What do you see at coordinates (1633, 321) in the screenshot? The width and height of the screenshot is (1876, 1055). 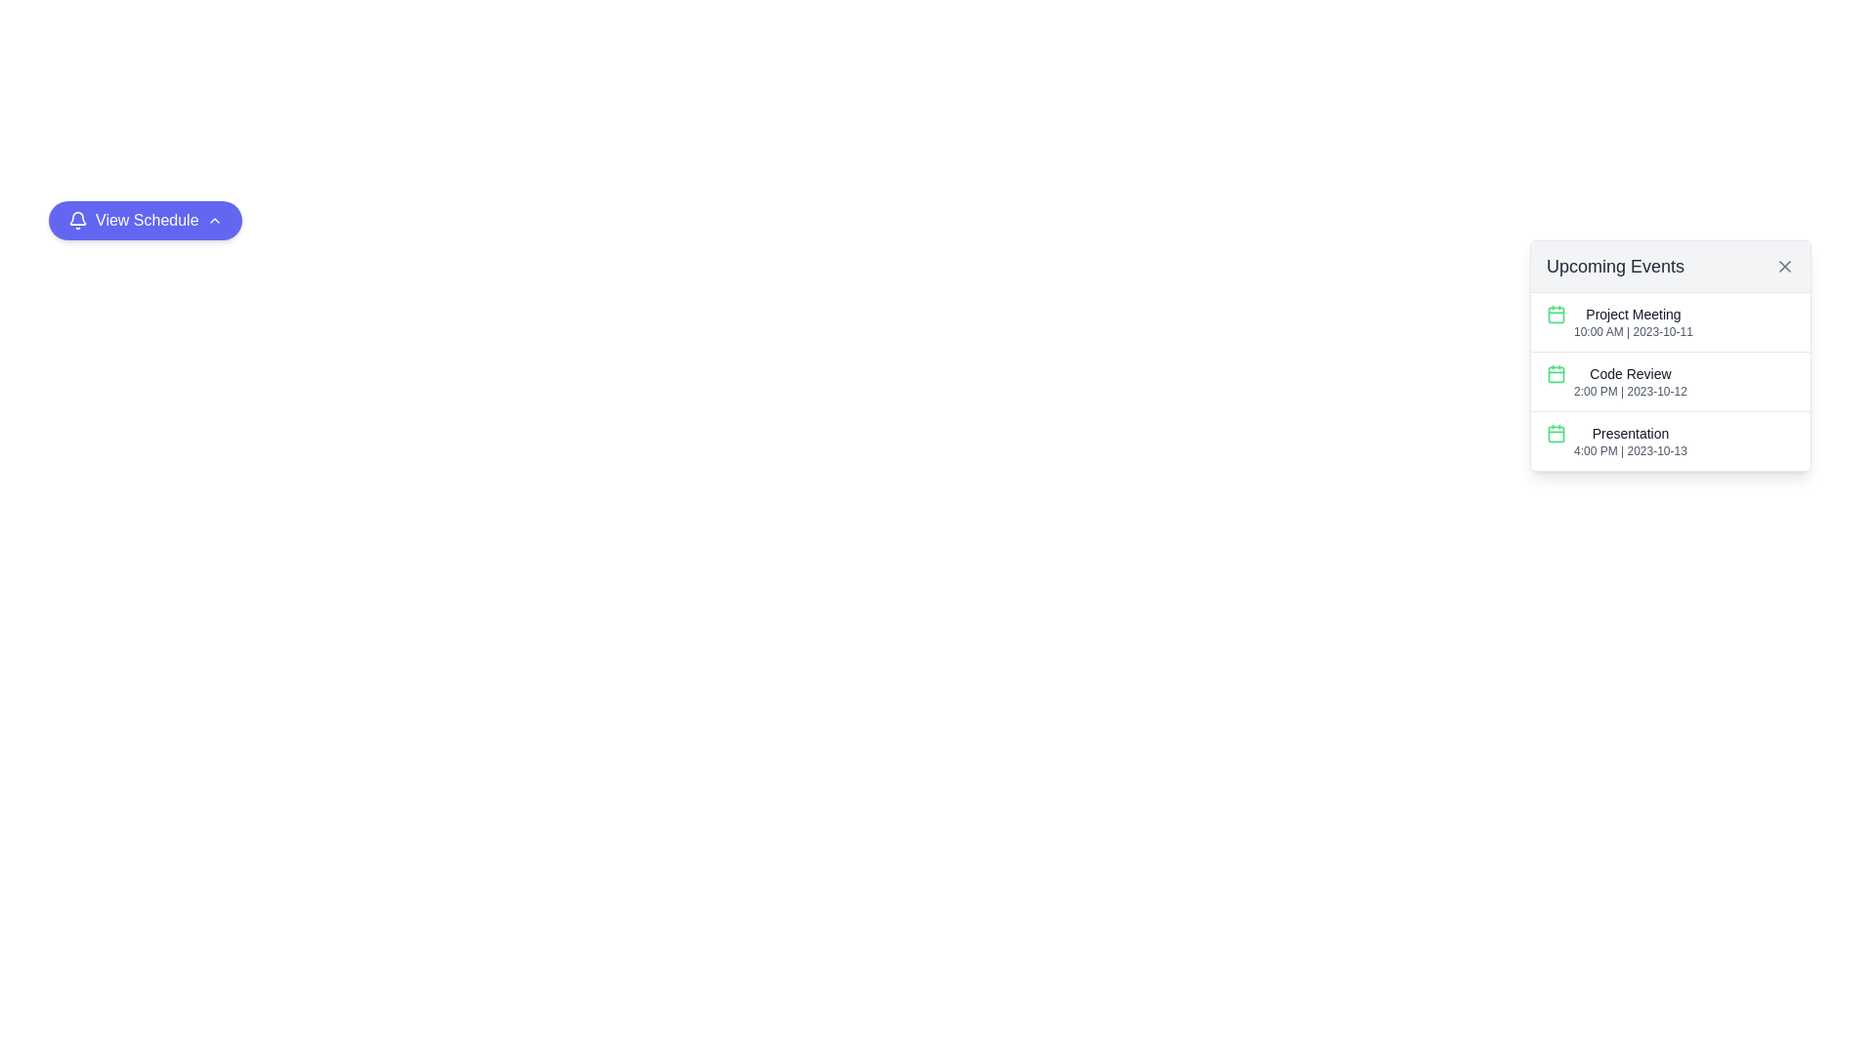 I see `the 'Project Meeting' event entry` at bounding box center [1633, 321].